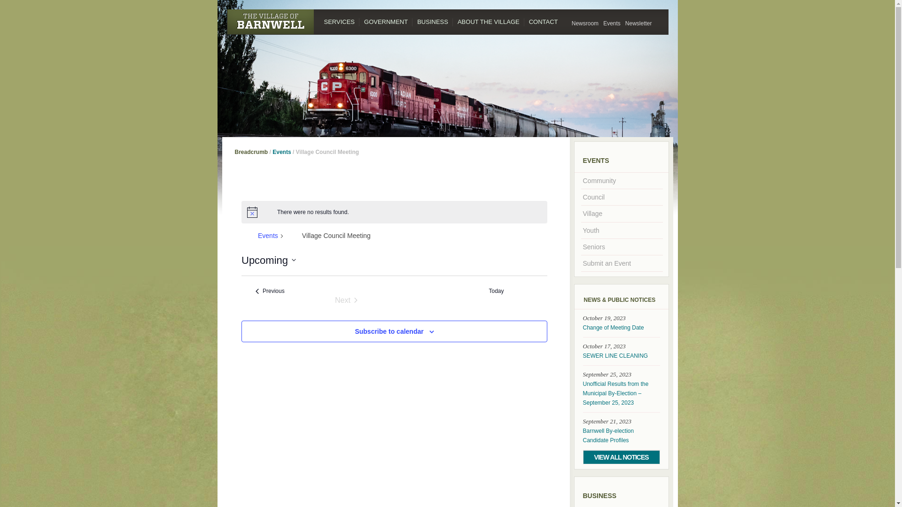  What do you see at coordinates (386, 21) in the screenshot?
I see `'GOVERNMENT'` at bounding box center [386, 21].